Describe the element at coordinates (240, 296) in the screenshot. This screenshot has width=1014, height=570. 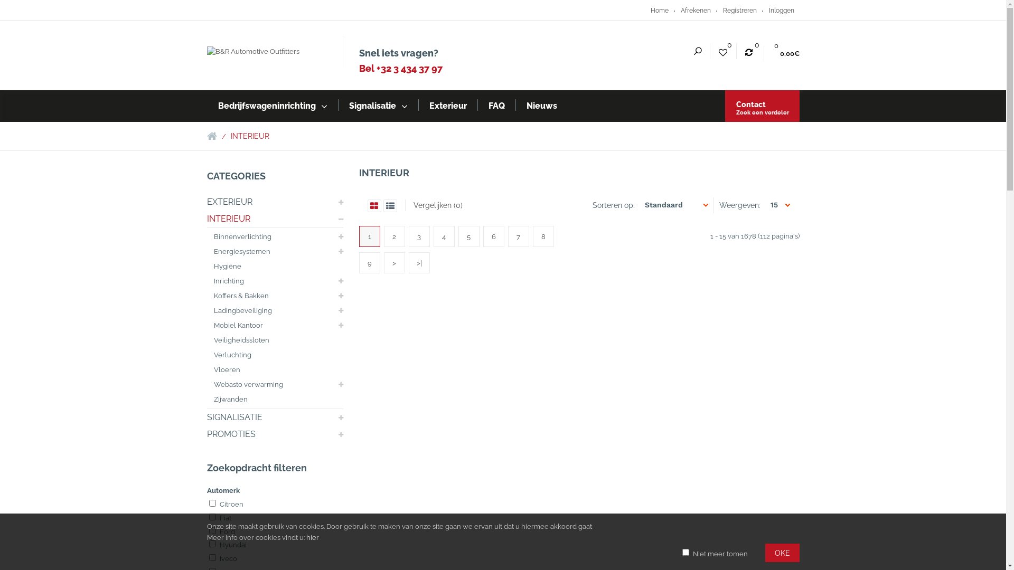
I see `'Koffers & Bakken'` at that location.